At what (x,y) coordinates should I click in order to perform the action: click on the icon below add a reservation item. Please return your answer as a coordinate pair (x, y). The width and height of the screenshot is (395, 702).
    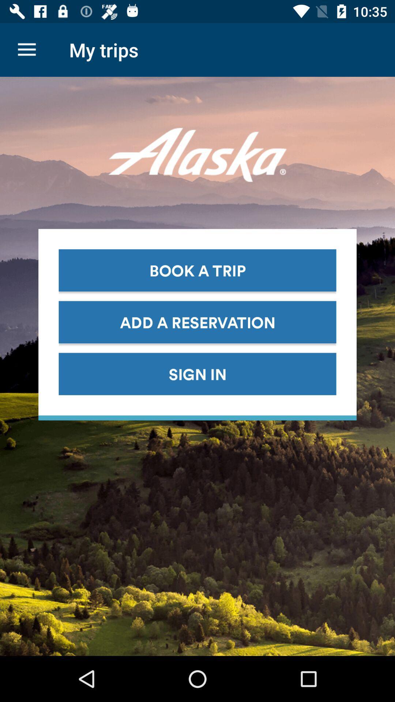
    Looking at the image, I should click on (197, 374).